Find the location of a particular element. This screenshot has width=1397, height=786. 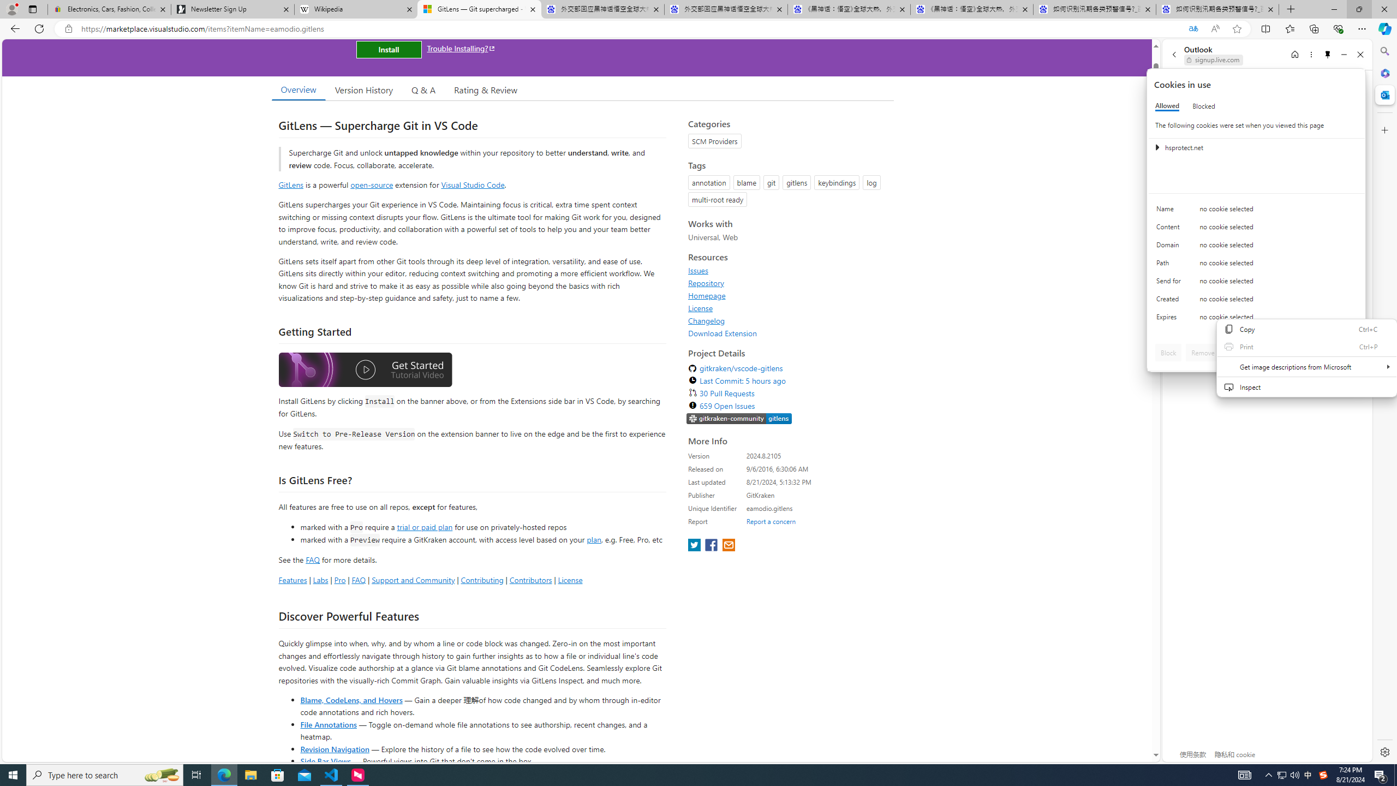

'Content' is located at coordinates (1170, 229).